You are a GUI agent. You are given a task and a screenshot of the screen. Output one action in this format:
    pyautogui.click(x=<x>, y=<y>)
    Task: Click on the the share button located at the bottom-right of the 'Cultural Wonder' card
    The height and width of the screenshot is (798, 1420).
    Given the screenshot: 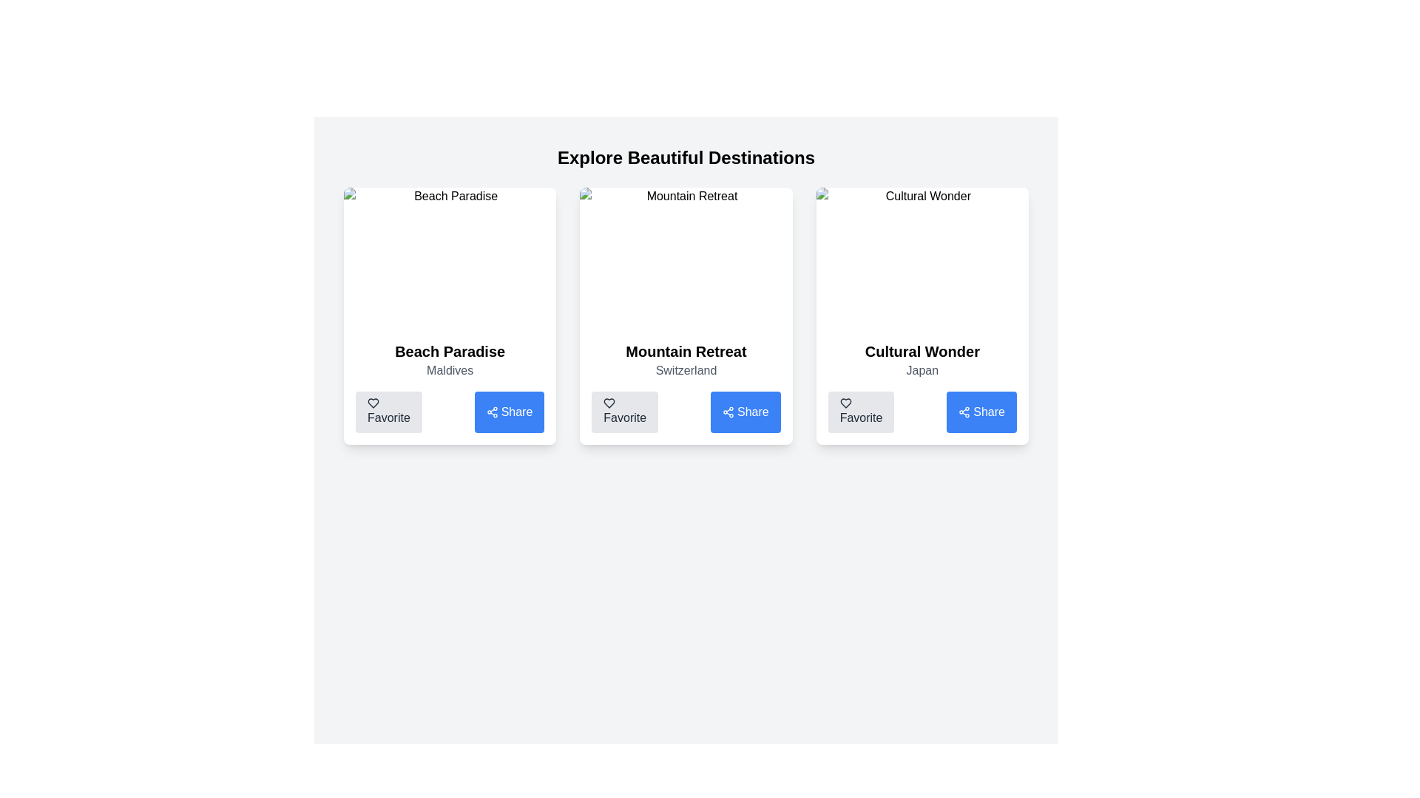 What is the action you would take?
    pyautogui.click(x=981, y=412)
    